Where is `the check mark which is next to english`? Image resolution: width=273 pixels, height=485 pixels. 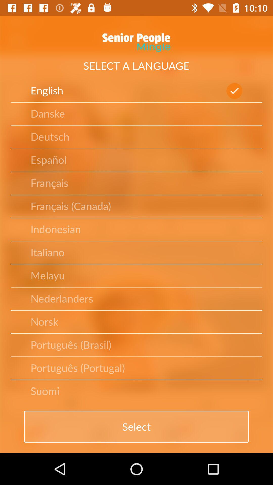
the check mark which is next to english is located at coordinates (234, 91).